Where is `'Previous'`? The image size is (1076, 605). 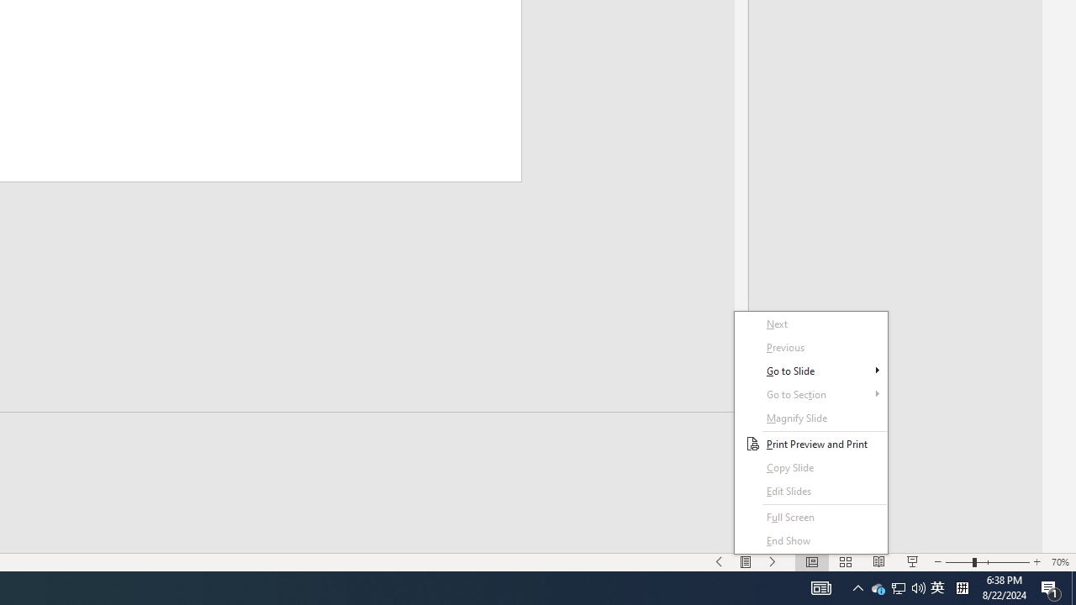
'Previous' is located at coordinates (811, 346).